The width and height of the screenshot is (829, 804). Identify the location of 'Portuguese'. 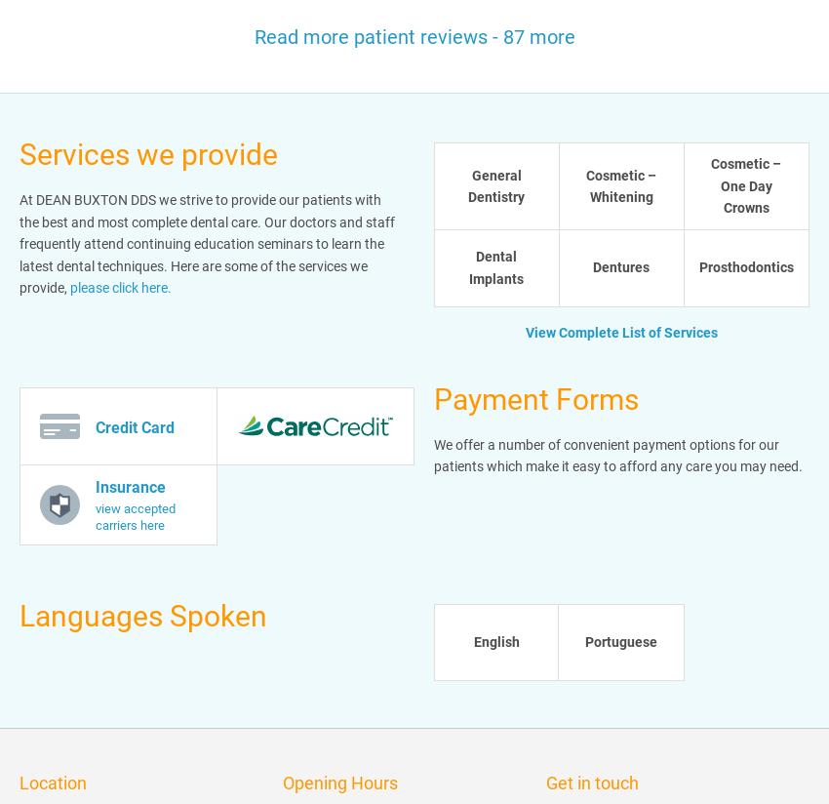
(582, 641).